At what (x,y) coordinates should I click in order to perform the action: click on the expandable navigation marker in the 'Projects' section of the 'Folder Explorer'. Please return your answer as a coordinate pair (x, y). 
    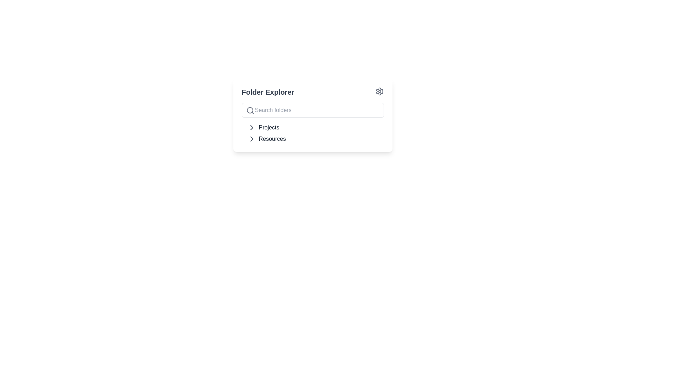
    Looking at the image, I should click on (251, 127).